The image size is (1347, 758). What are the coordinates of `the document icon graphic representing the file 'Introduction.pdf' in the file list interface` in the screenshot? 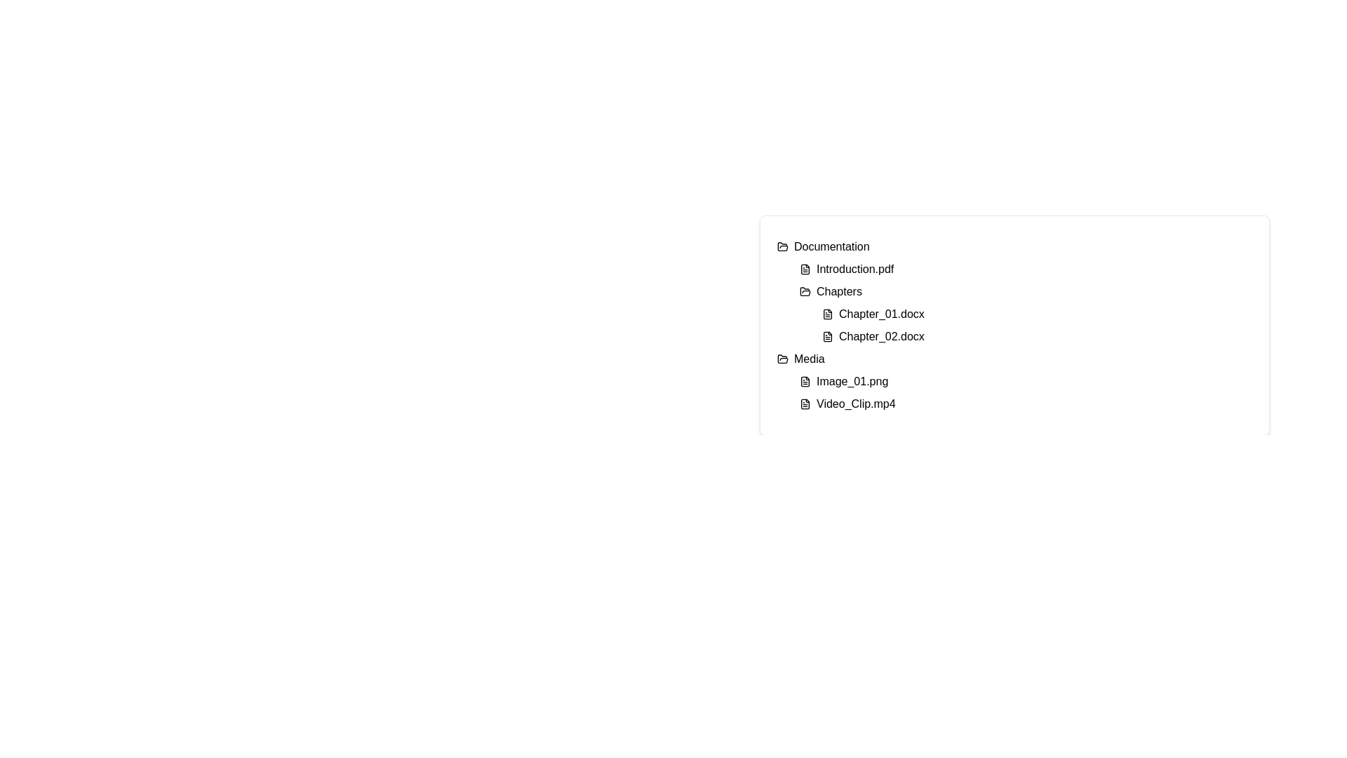 It's located at (805, 270).